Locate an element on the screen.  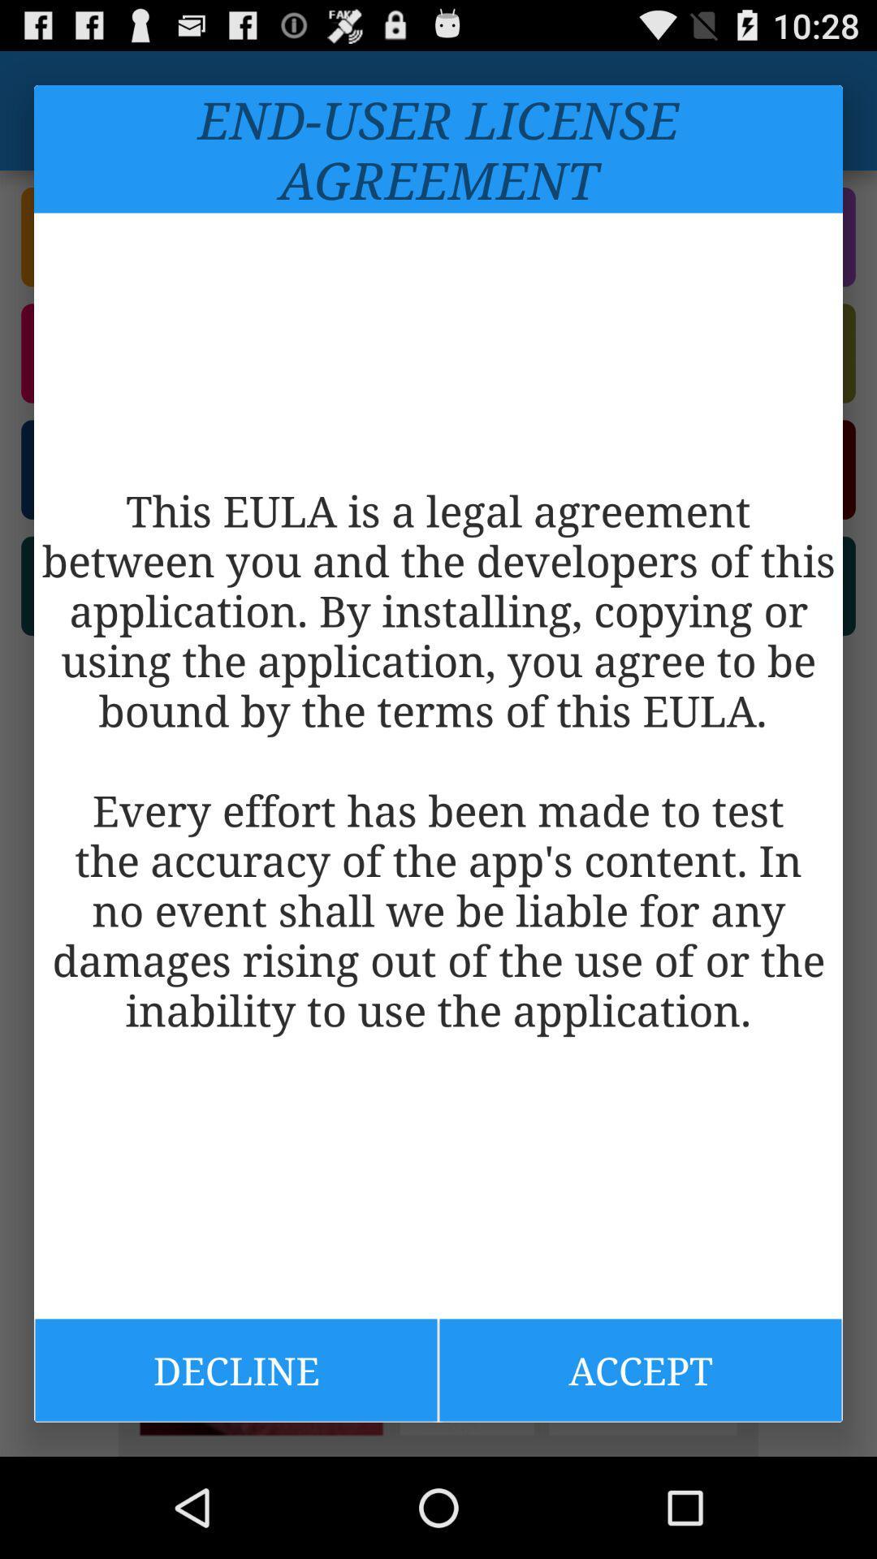
the item below the this eula is icon is located at coordinates (235, 1369).